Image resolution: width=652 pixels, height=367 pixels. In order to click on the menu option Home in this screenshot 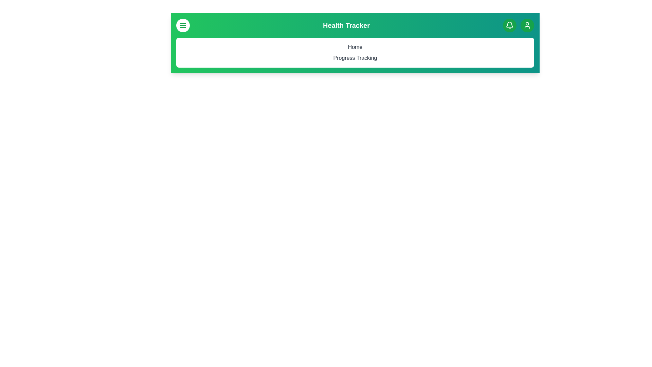, I will do `click(355, 47)`.